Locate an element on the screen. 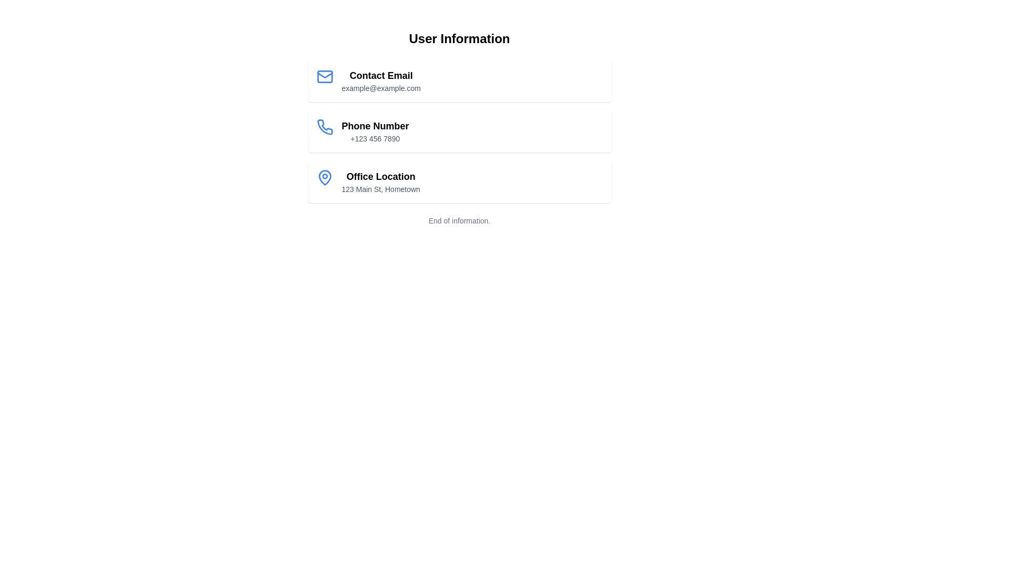  the phone handset icon in the 'Phone Number' row labeled '+123 456 7890' within the user information section is located at coordinates (324, 126).